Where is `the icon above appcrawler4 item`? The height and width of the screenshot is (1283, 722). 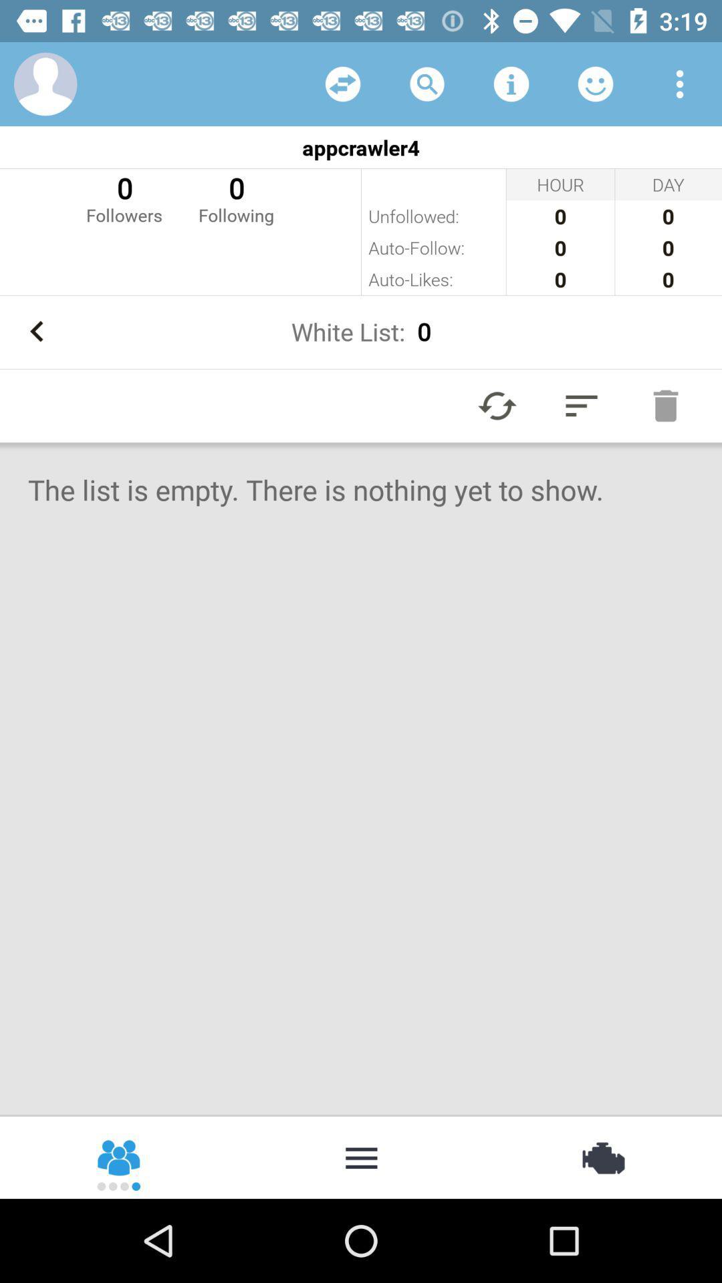
the icon above appcrawler4 item is located at coordinates (45, 83).